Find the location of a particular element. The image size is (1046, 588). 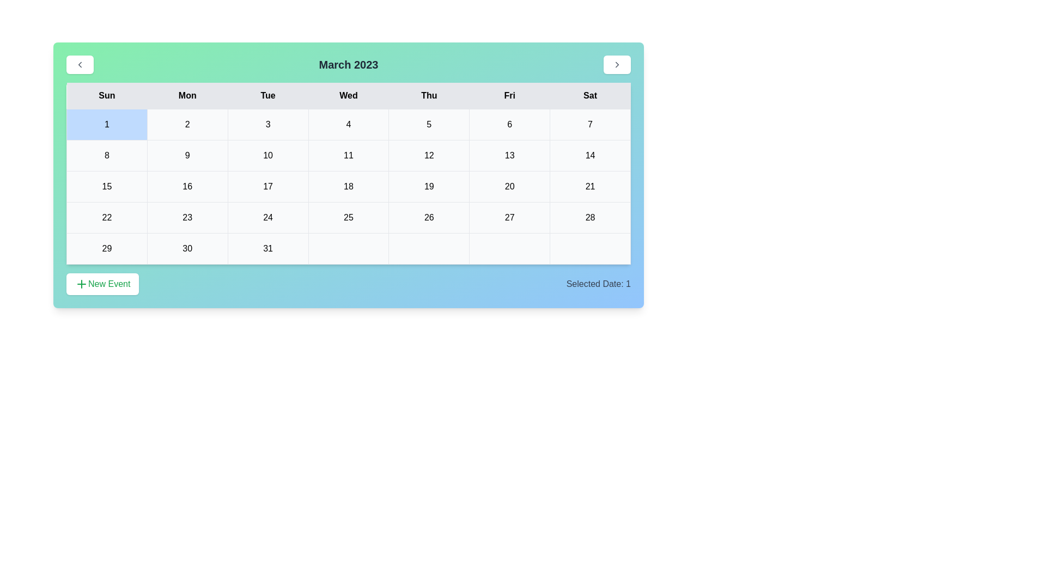

the cell representing the date 20 in the calendar is located at coordinates (509, 186).